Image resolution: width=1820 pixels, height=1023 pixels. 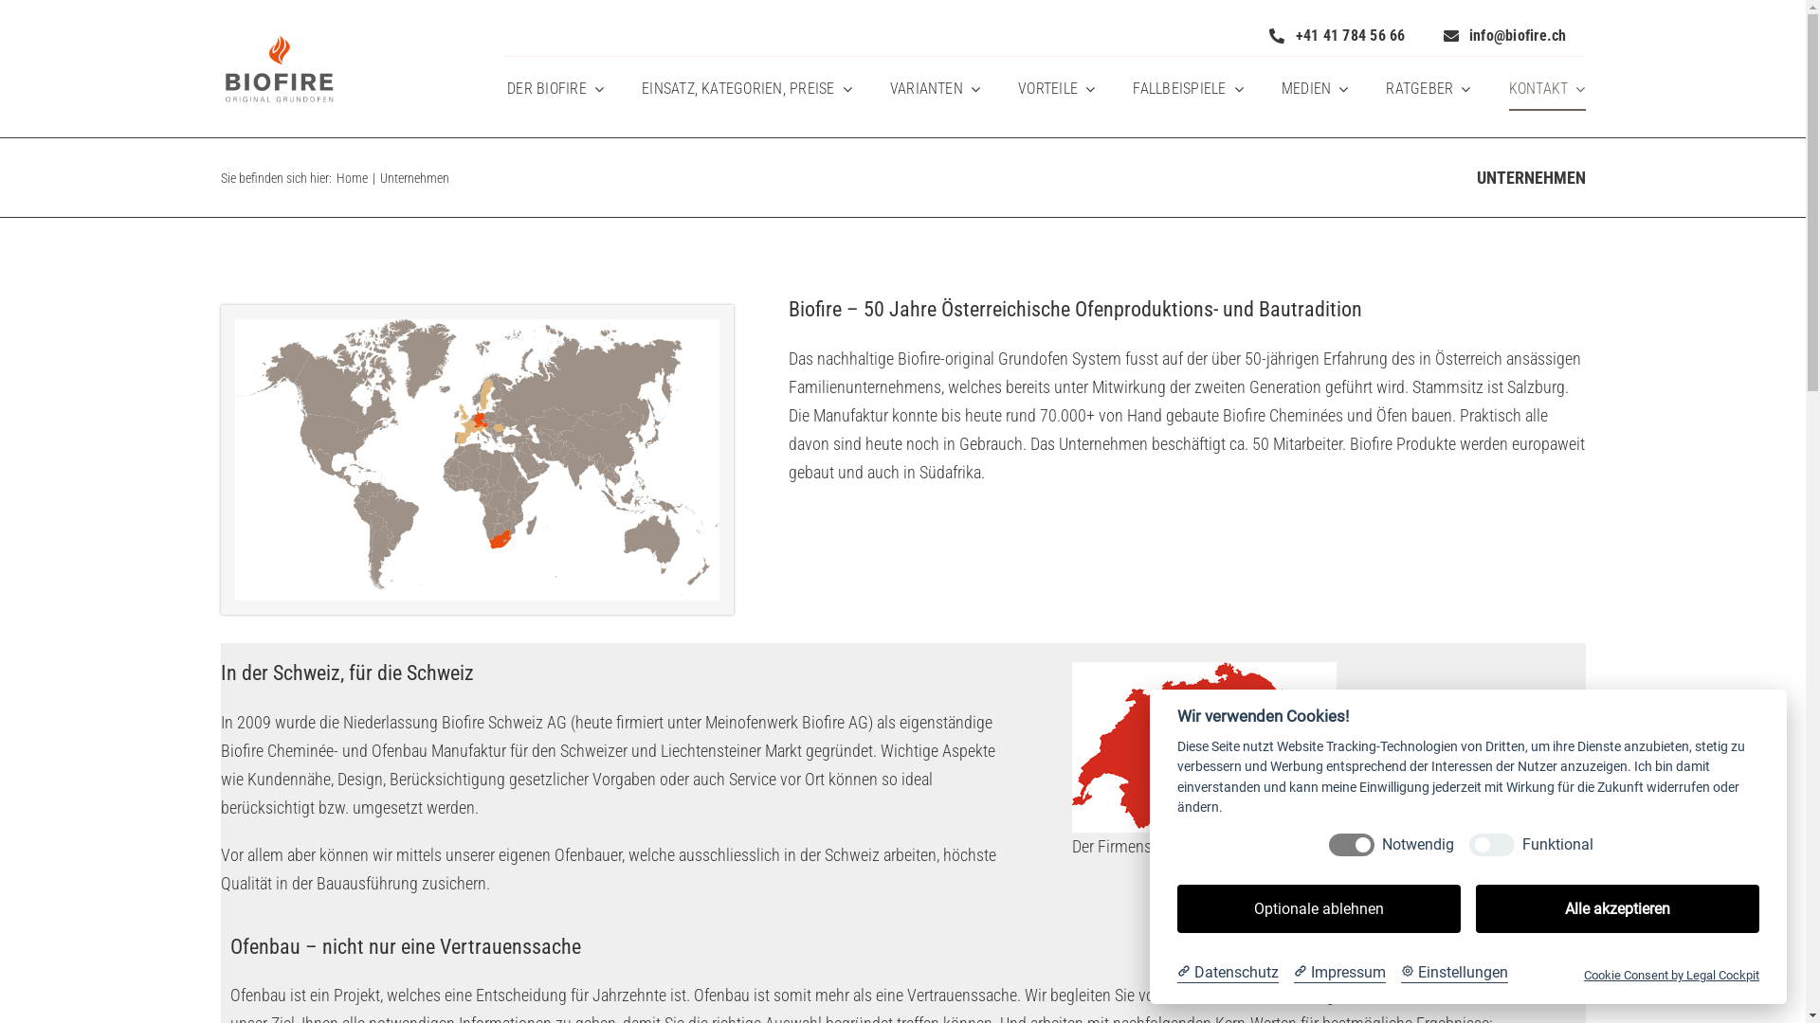 I want to click on 'RATGEBER', so click(x=1428, y=89).